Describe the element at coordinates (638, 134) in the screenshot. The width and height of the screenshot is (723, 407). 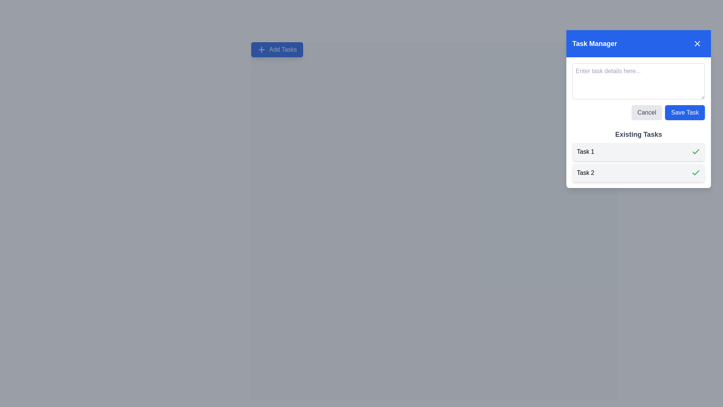
I see `the 'Existing Tasks' text label, which is prominently displayed in bold gray font within the 'Task Manager' panel, serving as a header for the task list` at that location.